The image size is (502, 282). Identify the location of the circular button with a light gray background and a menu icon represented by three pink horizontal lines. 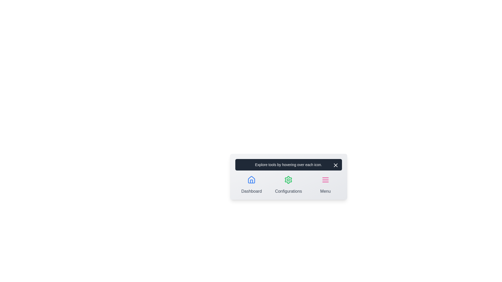
(325, 180).